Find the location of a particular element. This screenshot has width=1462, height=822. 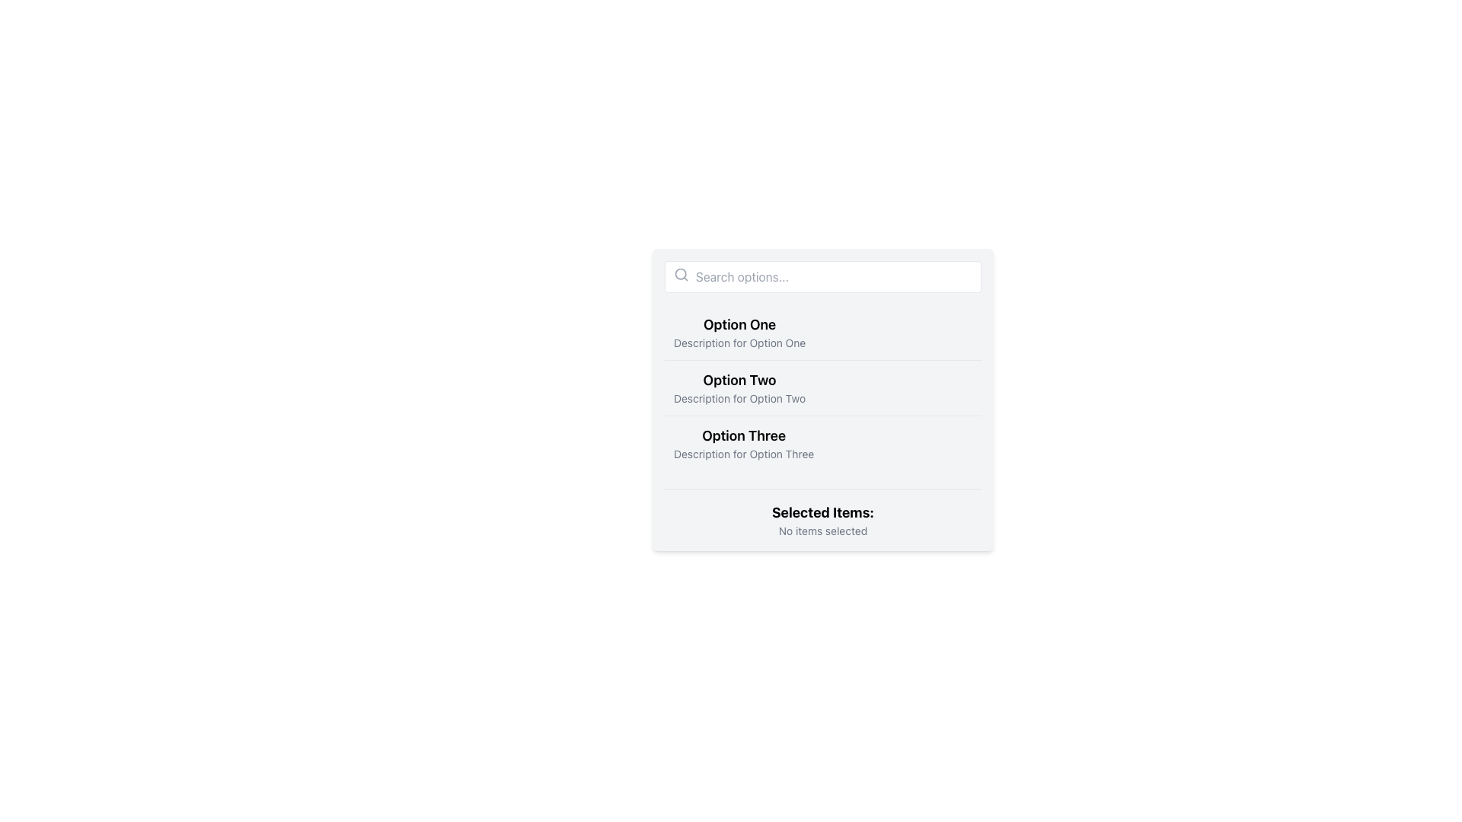

the text label displaying 'Option Two' is located at coordinates (739, 380).